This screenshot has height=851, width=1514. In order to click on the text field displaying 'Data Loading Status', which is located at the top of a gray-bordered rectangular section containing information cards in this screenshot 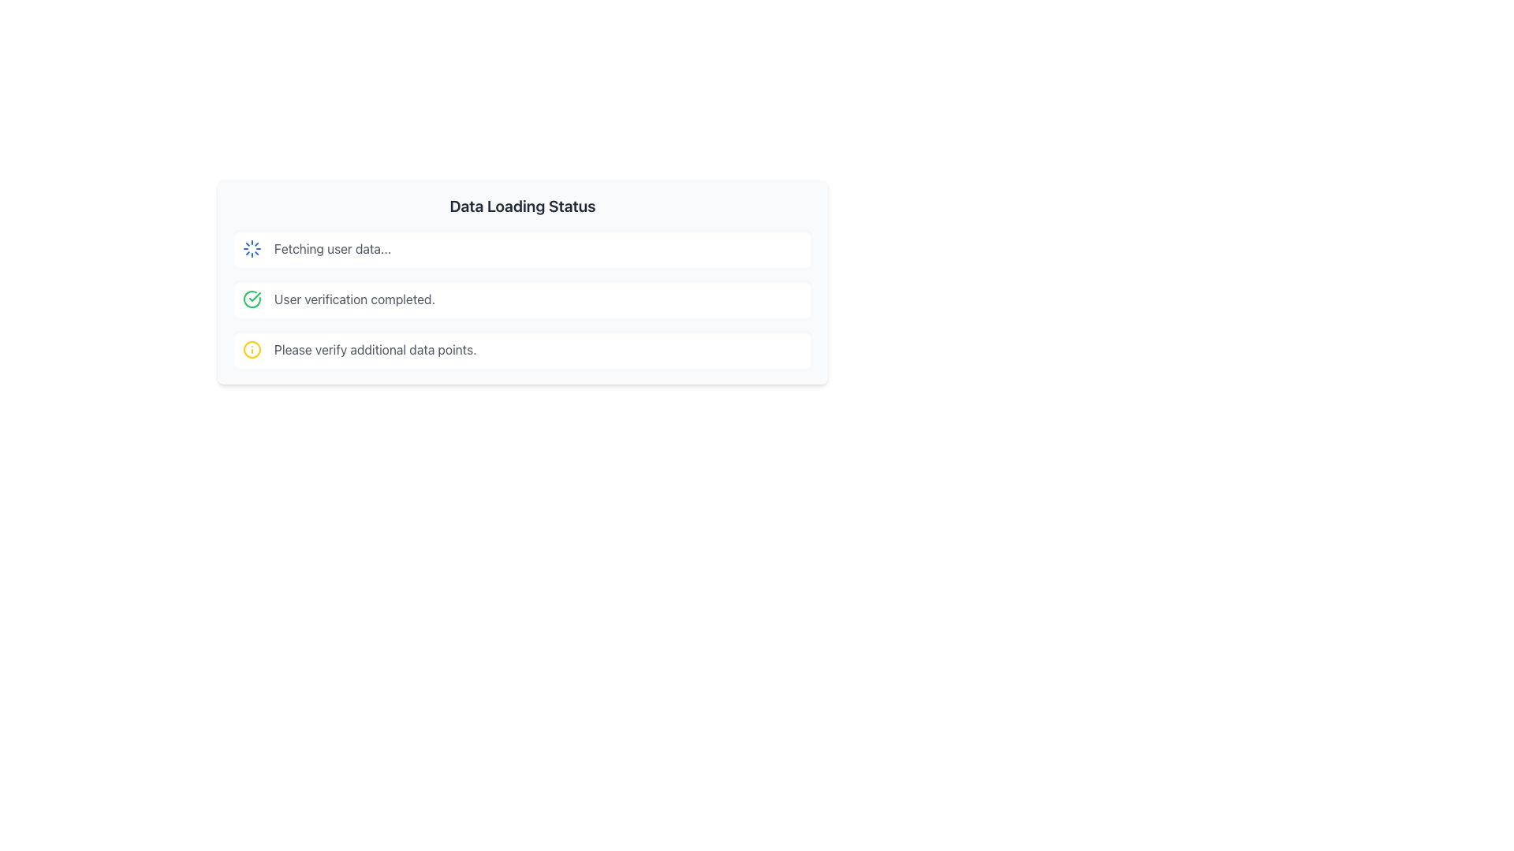, I will do `click(522, 206)`.